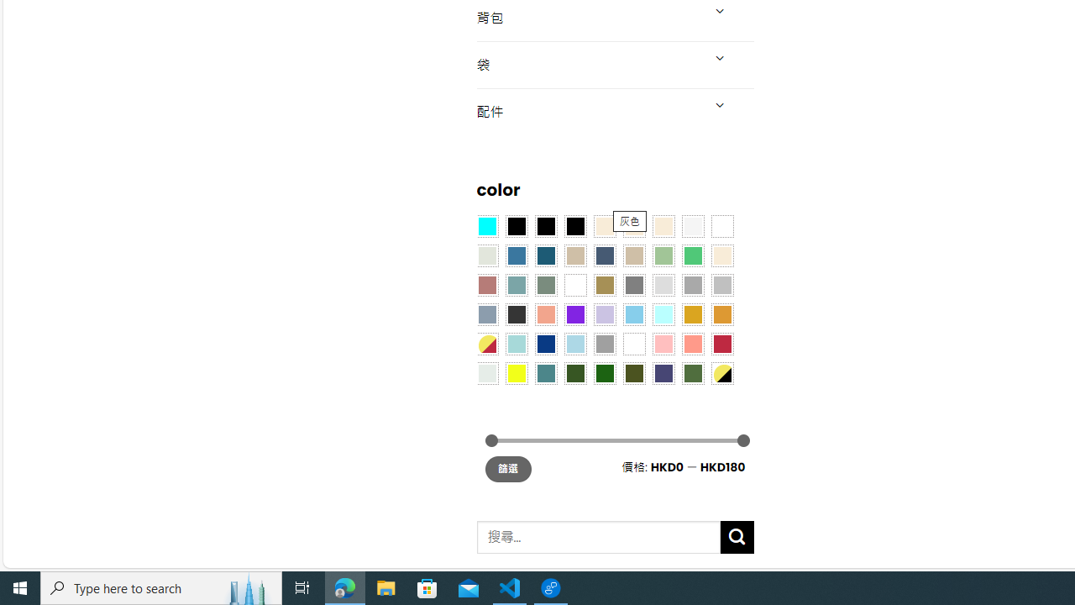 The height and width of the screenshot is (605, 1075). I want to click on 'Dull Nickle', so click(485, 372).